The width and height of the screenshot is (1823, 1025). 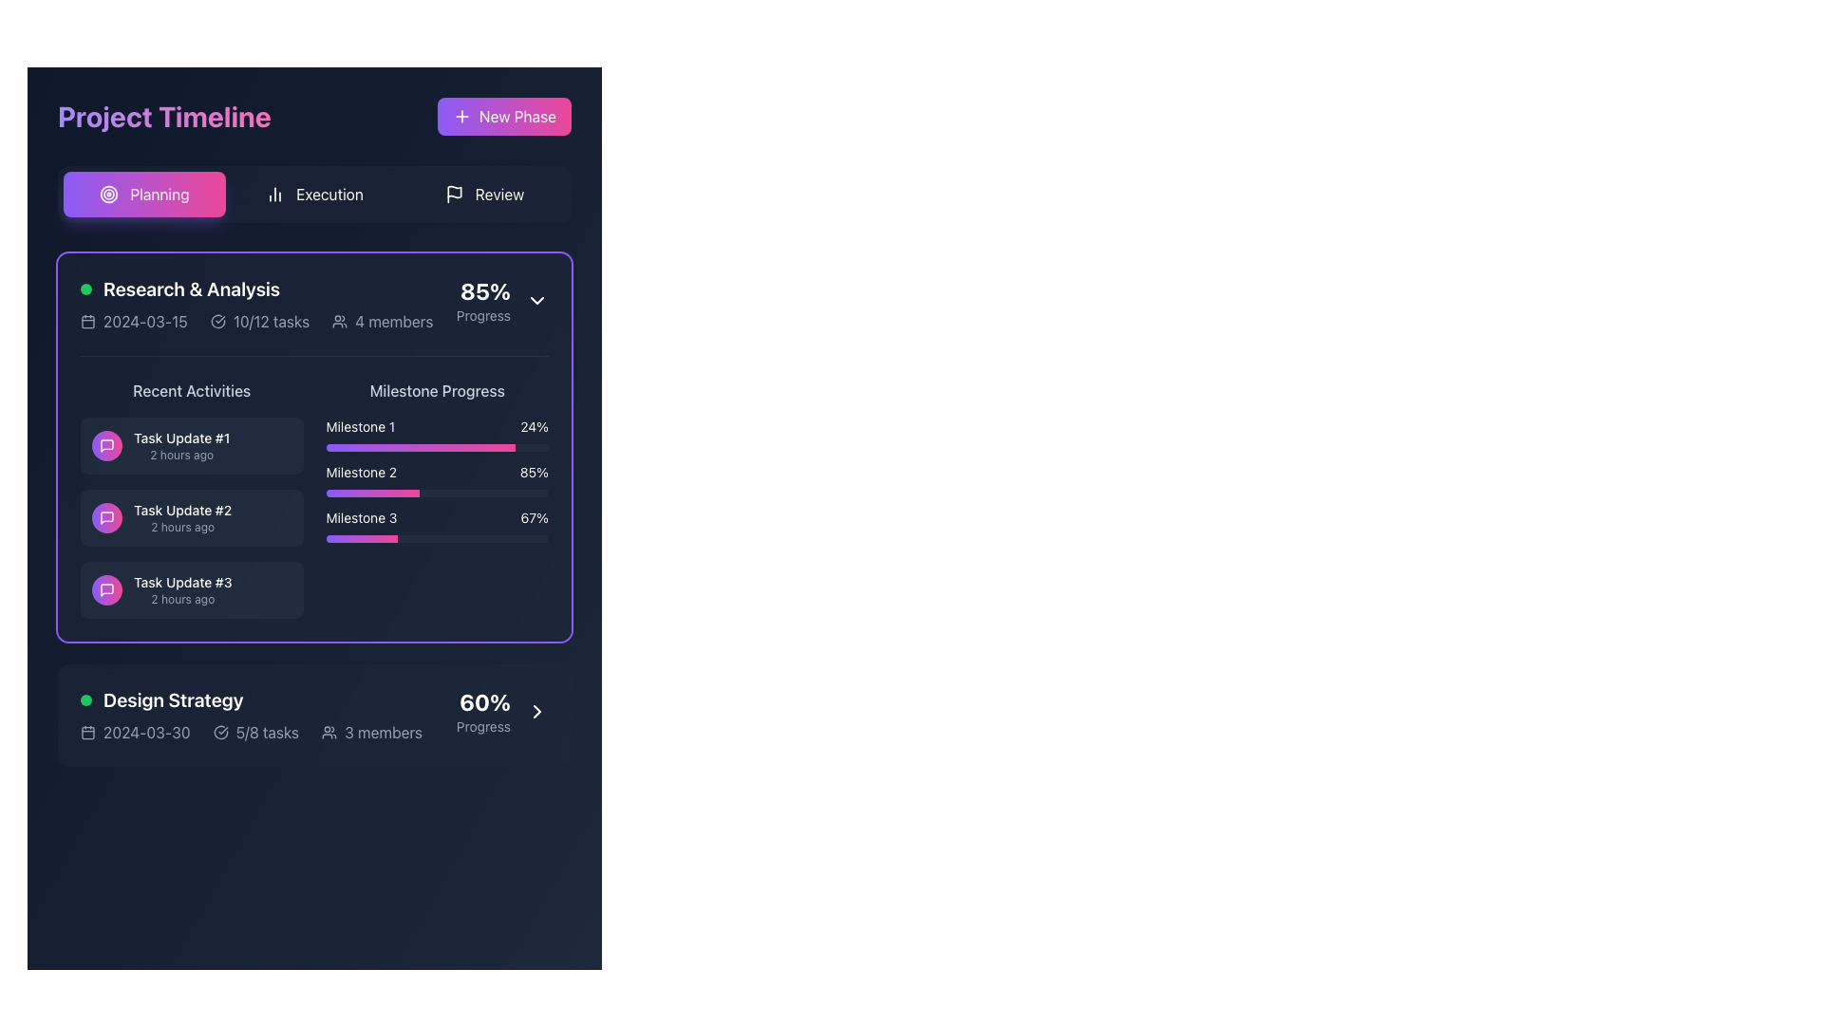 What do you see at coordinates (340, 321) in the screenshot?
I see `the members count icon located in the 'Research & Analysis' section, adjacent to the '4 members' text` at bounding box center [340, 321].